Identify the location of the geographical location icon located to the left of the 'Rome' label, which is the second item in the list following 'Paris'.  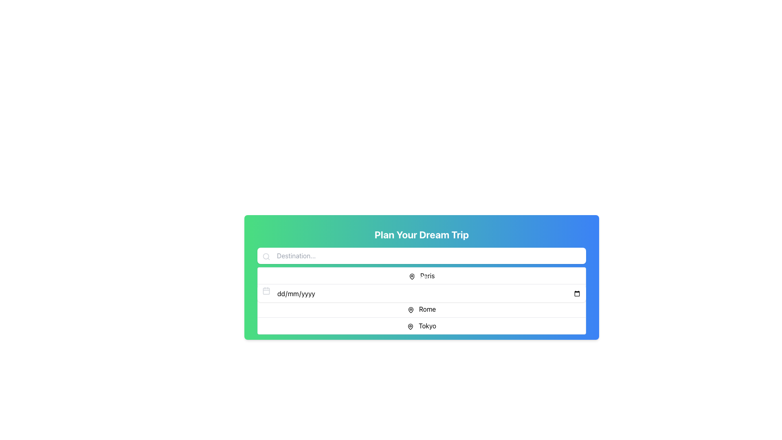
(411, 310).